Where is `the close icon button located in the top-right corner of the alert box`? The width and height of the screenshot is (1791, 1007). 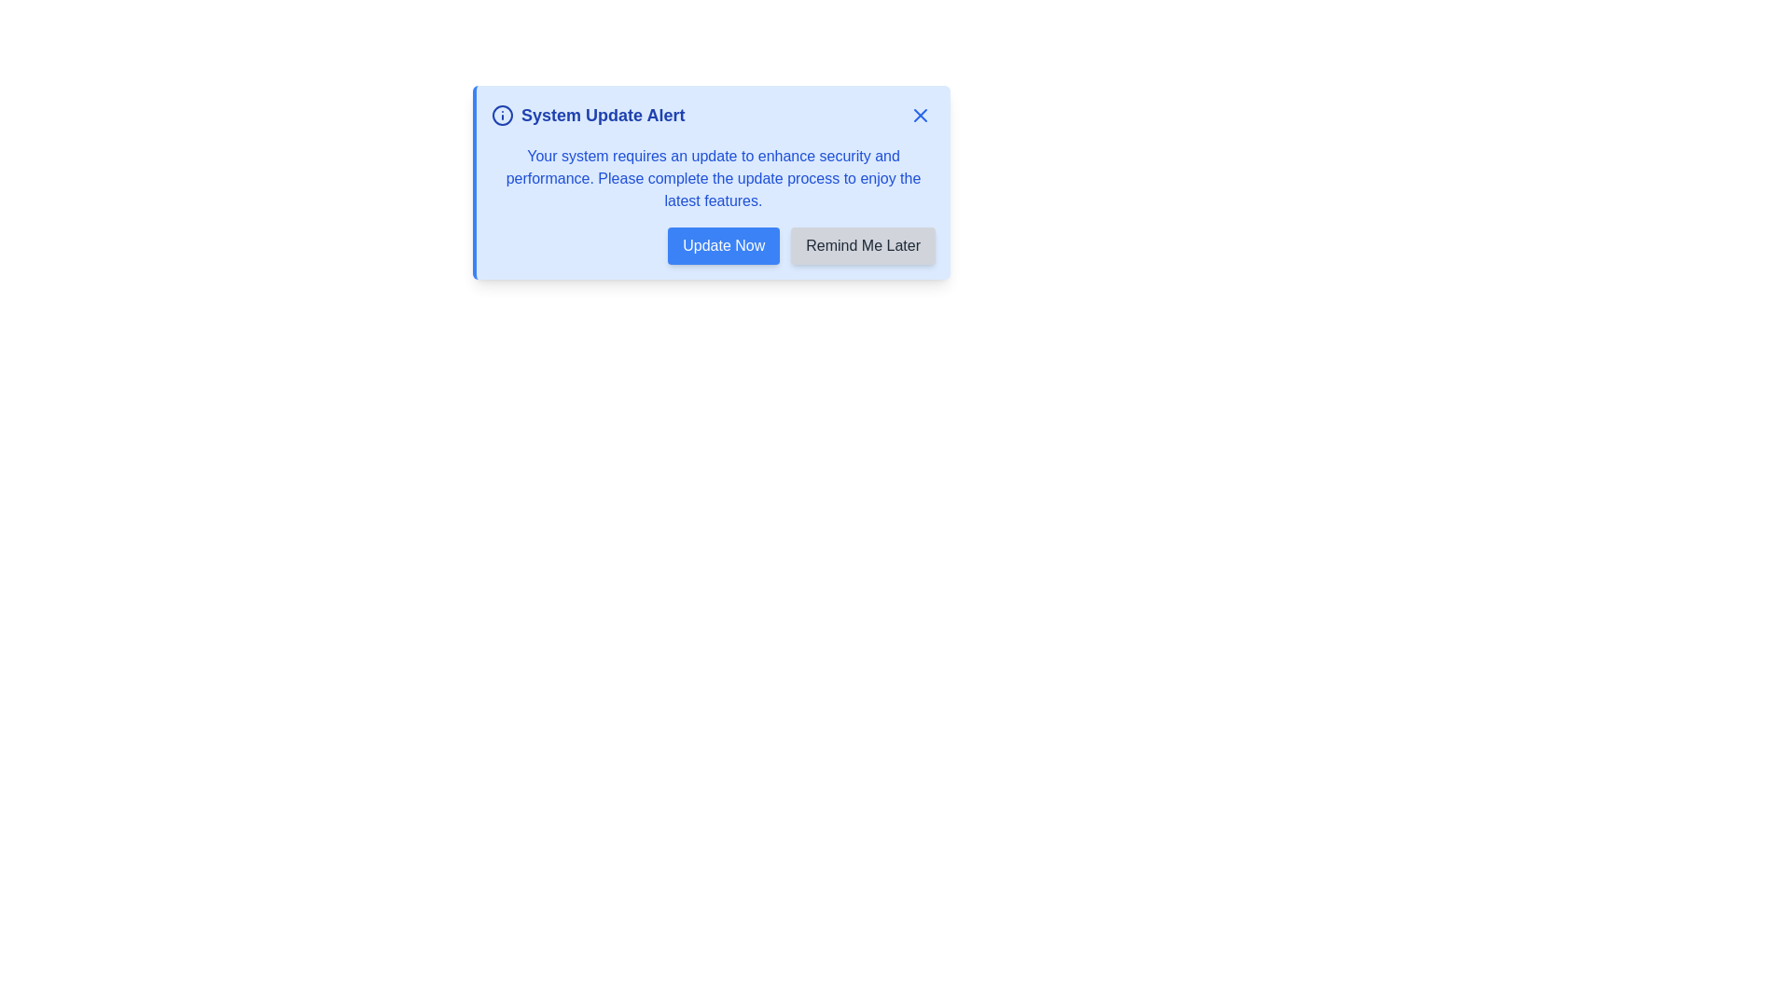 the close icon button located in the top-right corner of the alert box is located at coordinates (921, 115).